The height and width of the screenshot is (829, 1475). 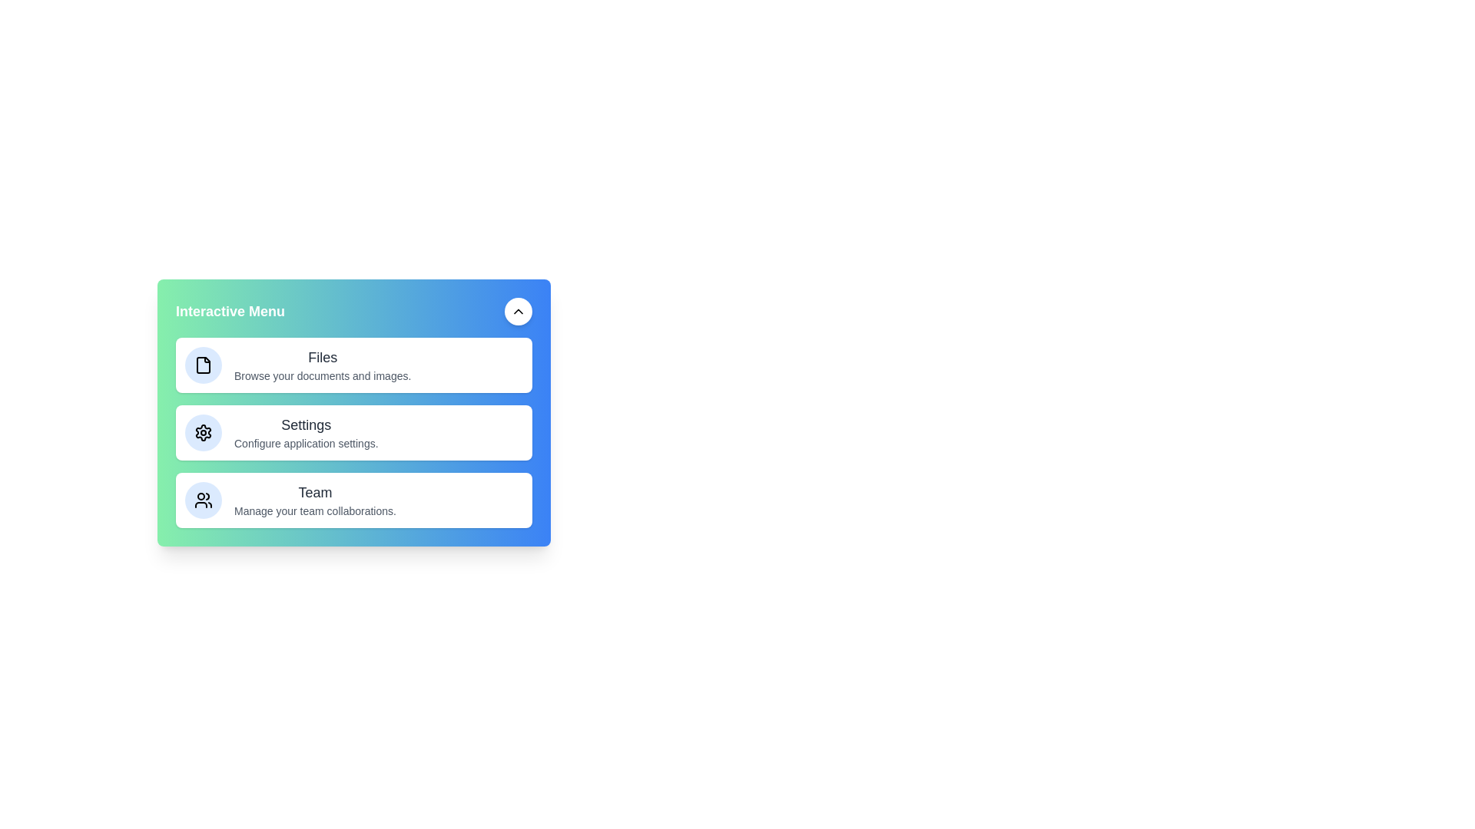 What do you see at coordinates (322, 365) in the screenshot?
I see `the 'Files' option in the menu` at bounding box center [322, 365].